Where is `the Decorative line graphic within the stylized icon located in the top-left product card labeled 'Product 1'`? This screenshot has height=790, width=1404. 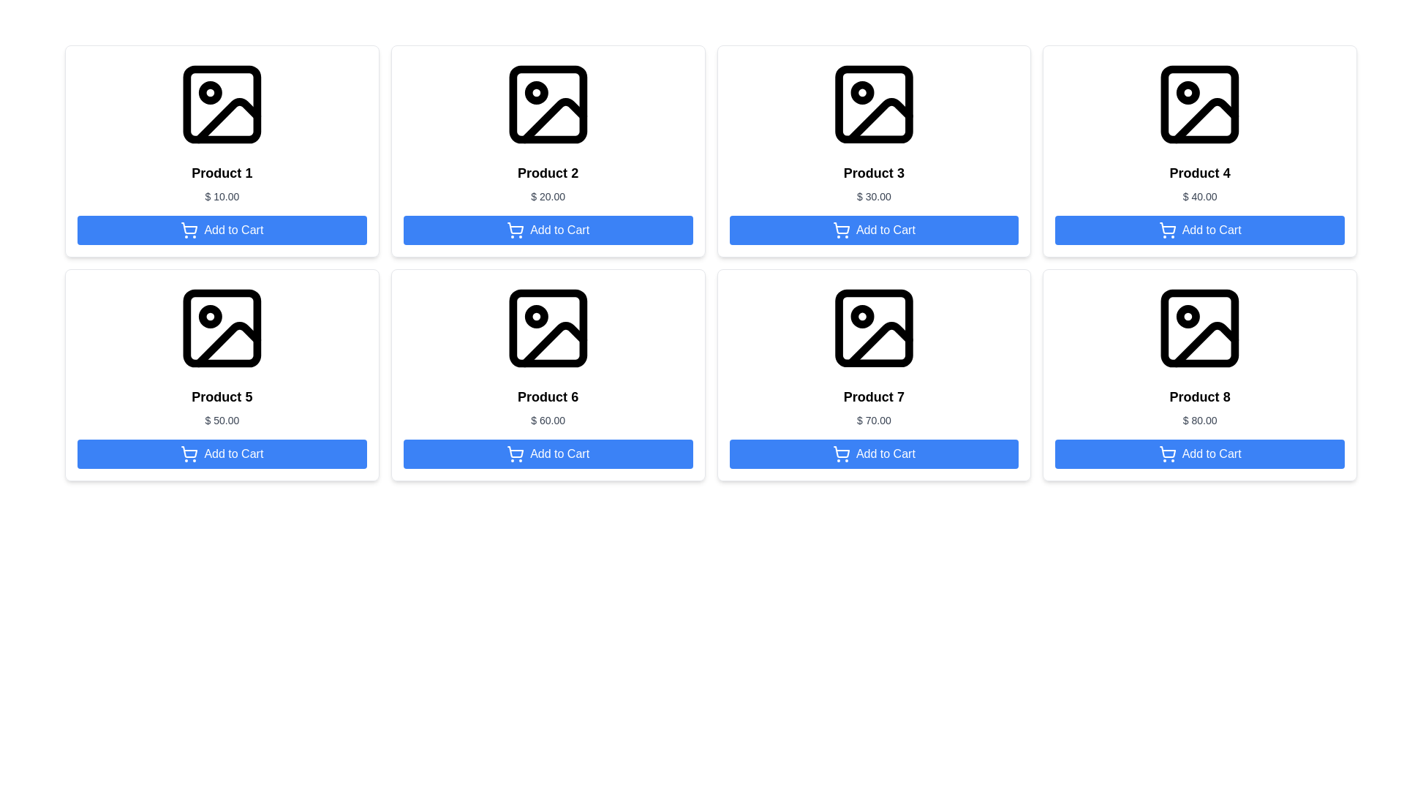 the Decorative line graphic within the stylized icon located in the top-left product card labeled 'Product 1' is located at coordinates (227, 120).